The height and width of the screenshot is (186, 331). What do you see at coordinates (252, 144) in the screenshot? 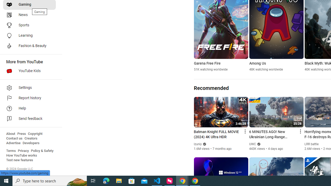
I see `'UWC'` at bounding box center [252, 144].